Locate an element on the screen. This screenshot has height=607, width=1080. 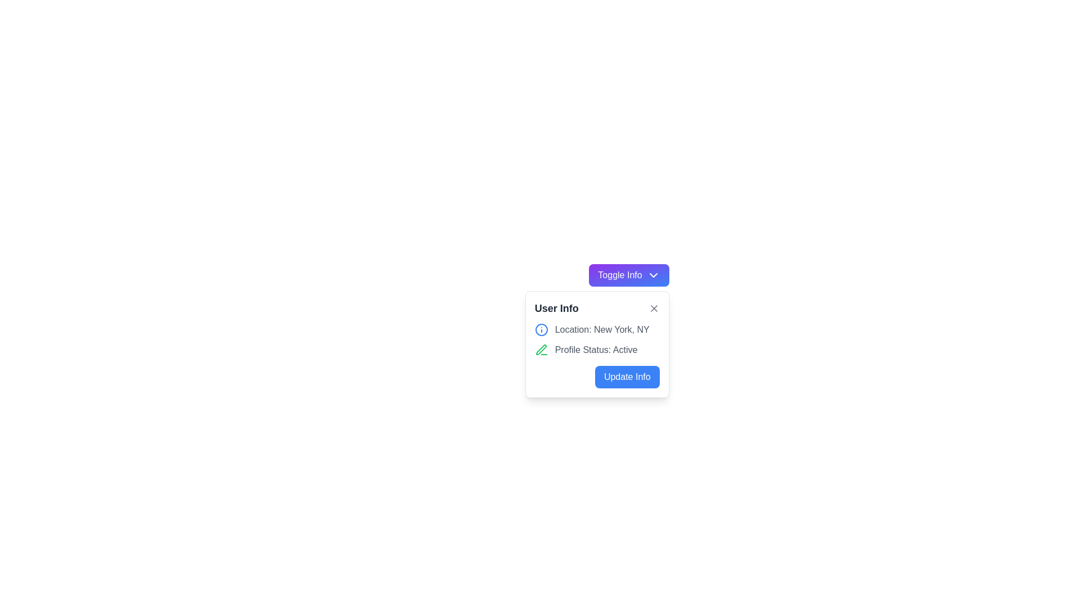
the blue rectangular button with rounded corners and white text reading 'Update Info' located at the bottom-right corner of the 'User Info' card is located at coordinates (627, 377).